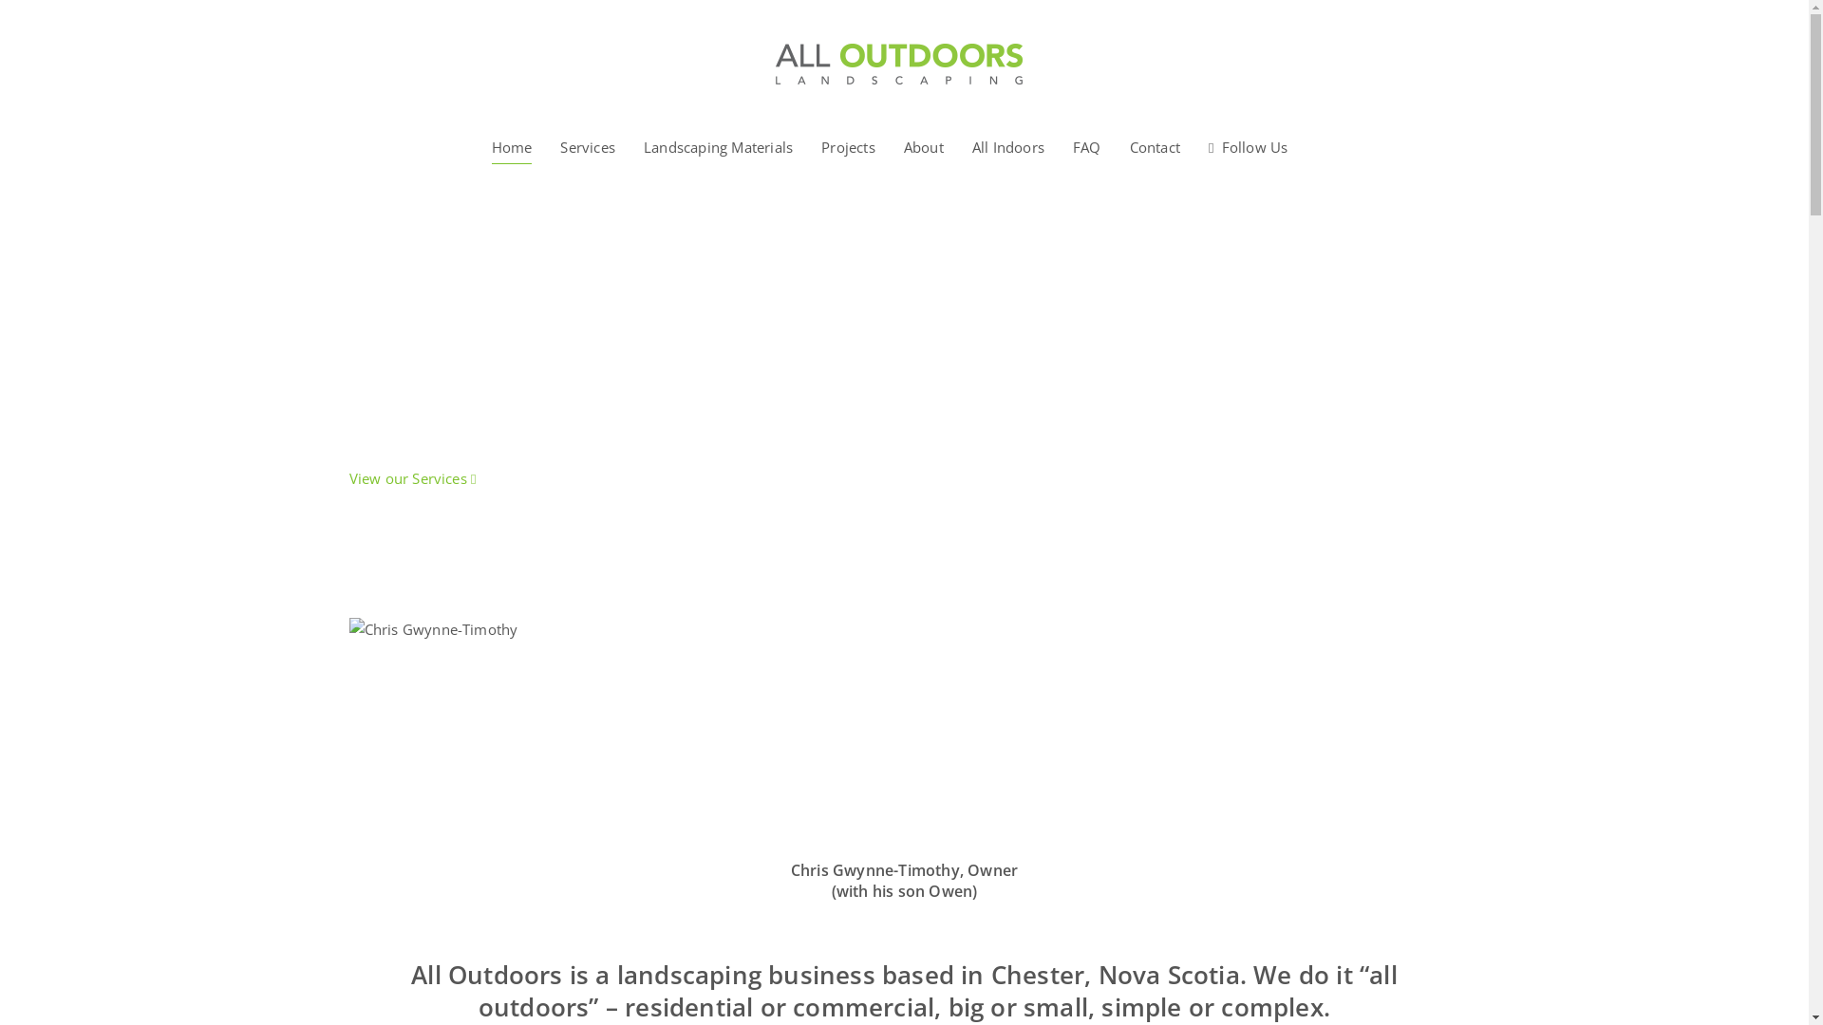 The width and height of the screenshot is (1823, 1025). What do you see at coordinates (512, 145) in the screenshot?
I see `'Home'` at bounding box center [512, 145].